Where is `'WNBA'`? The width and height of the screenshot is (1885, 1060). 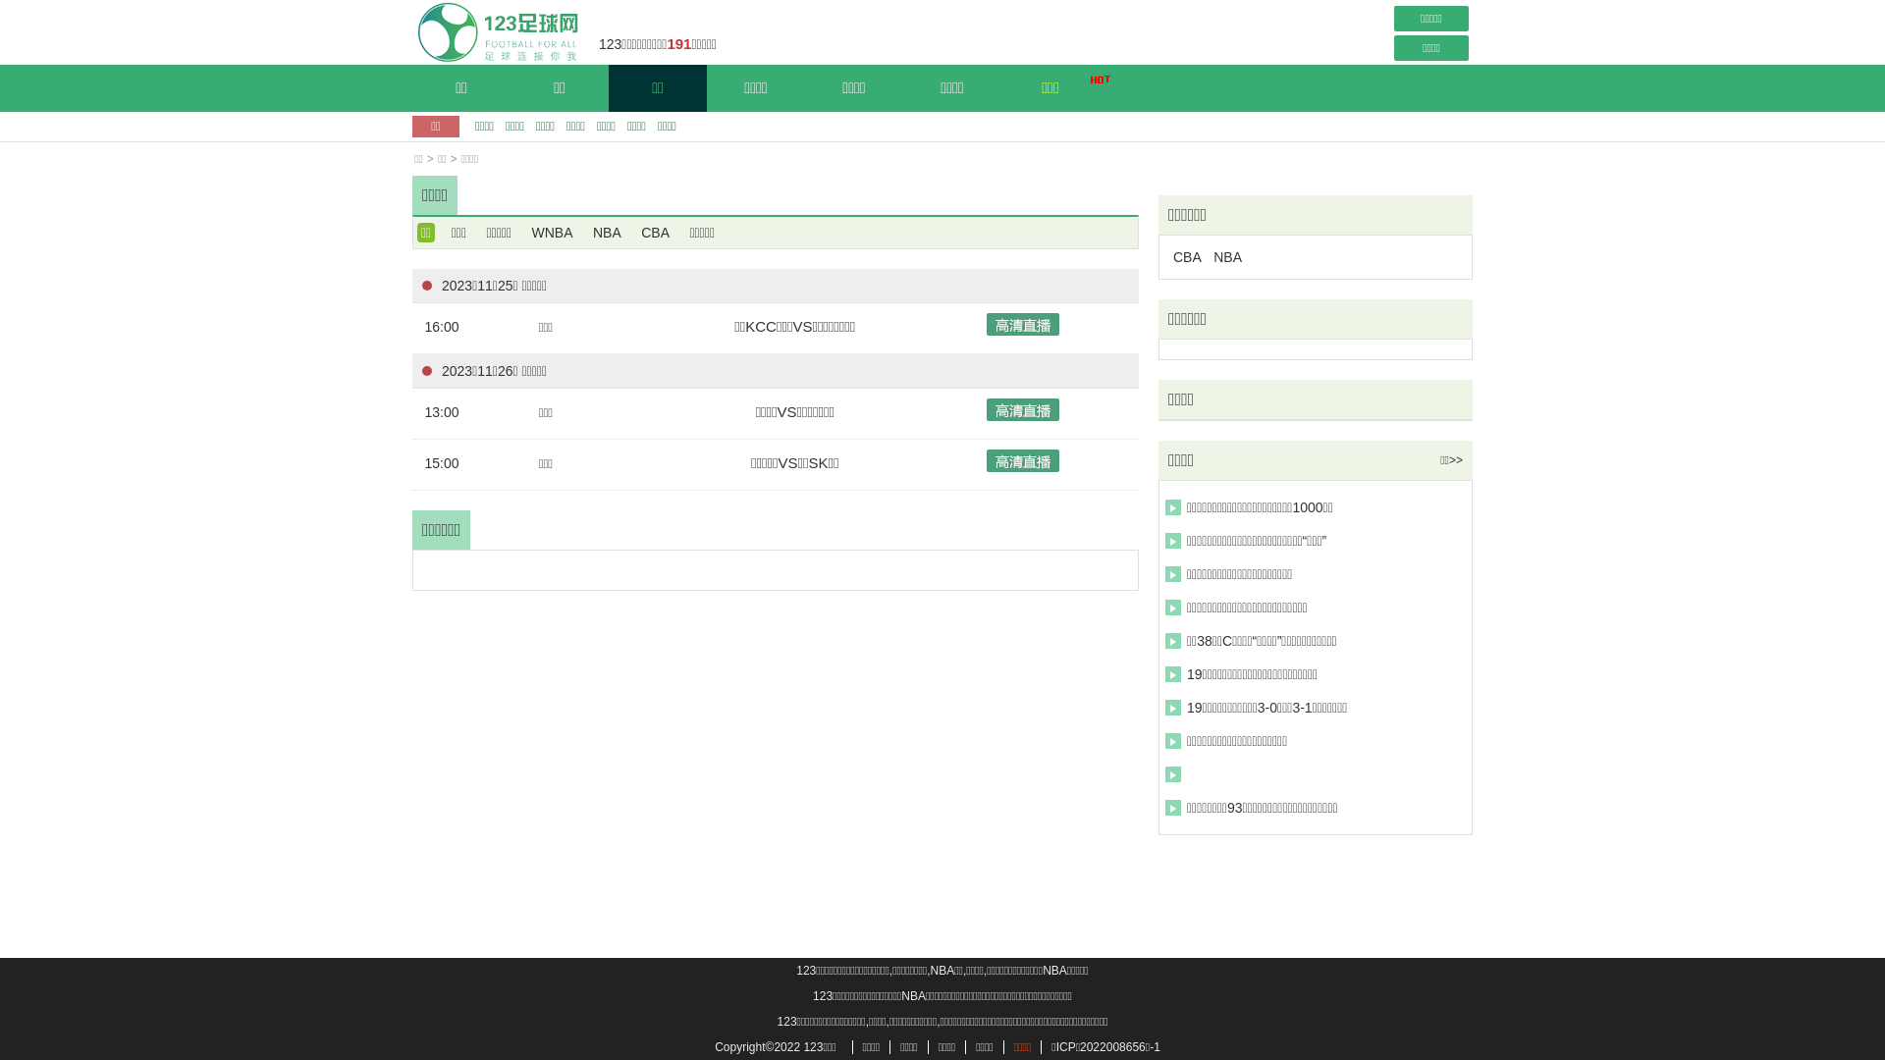 'WNBA' is located at coordinates (551, 231).